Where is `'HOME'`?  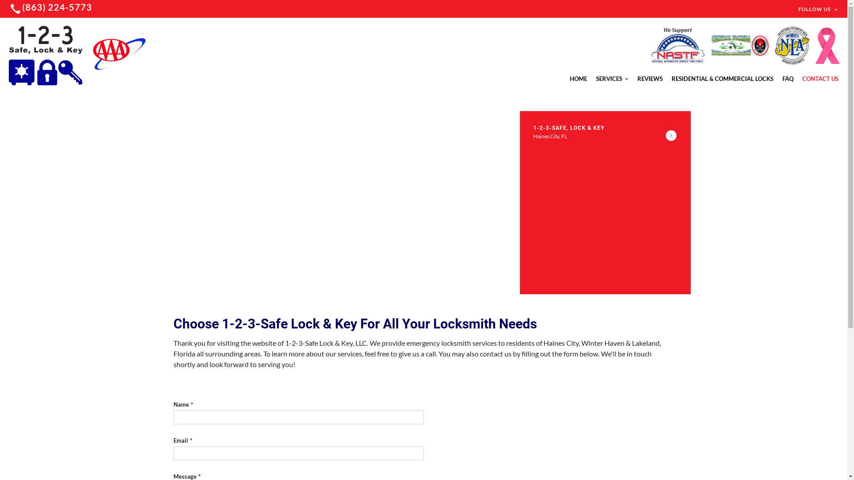 'HOME' is located at coordinates (570, 78).